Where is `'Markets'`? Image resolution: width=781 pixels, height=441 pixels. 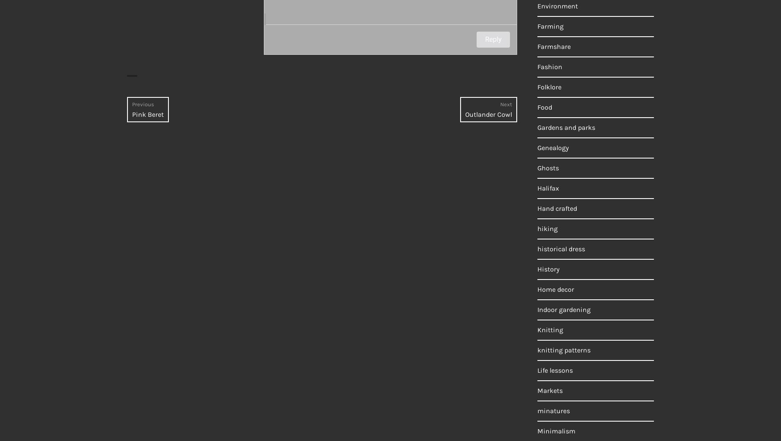
'Markets' is located at coordinates (549, 390).